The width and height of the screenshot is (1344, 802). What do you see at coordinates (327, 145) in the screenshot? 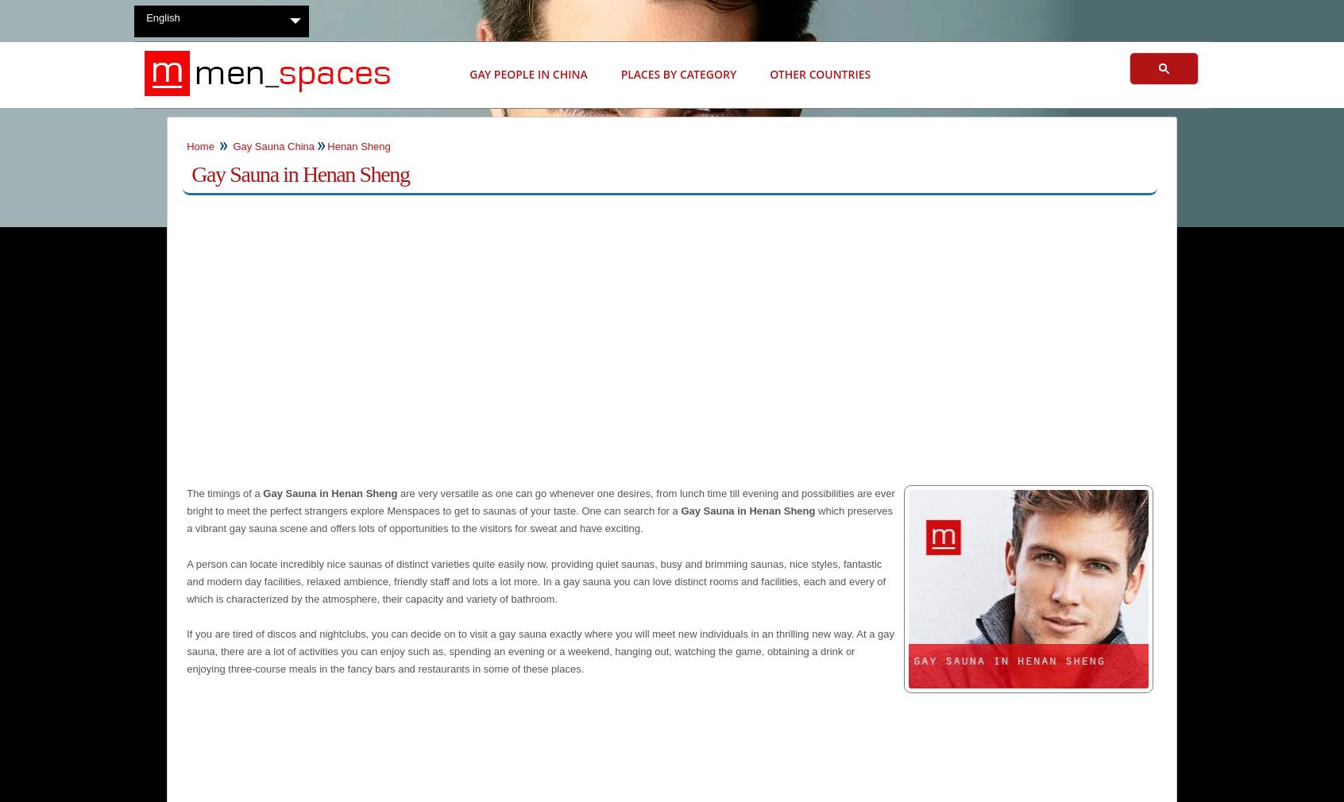
I see `'Henan Sheng'` at bounding box center [327, 145].